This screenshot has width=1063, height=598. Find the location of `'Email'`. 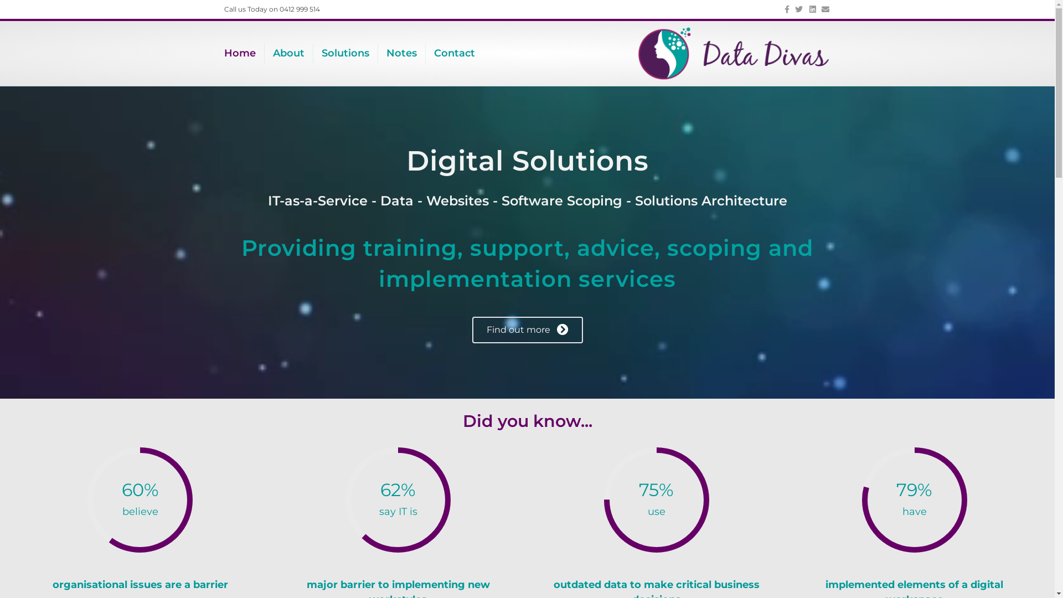

'Email' is located at coordinates (823, 8).